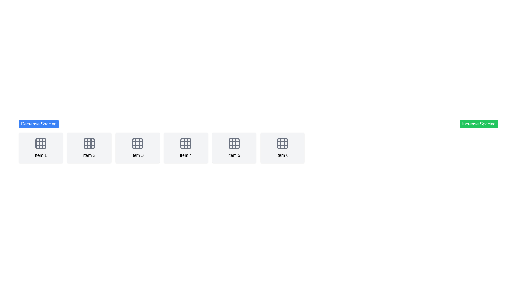 The image size is (520, 292). What do you see at coordinates (234, 148) in the screenshot?
I see `the fifth item in the horizontally aligned grid list, which is a button-like grid item between 'Item 4' and 'Item 6'` at bounding box center [234, 148].